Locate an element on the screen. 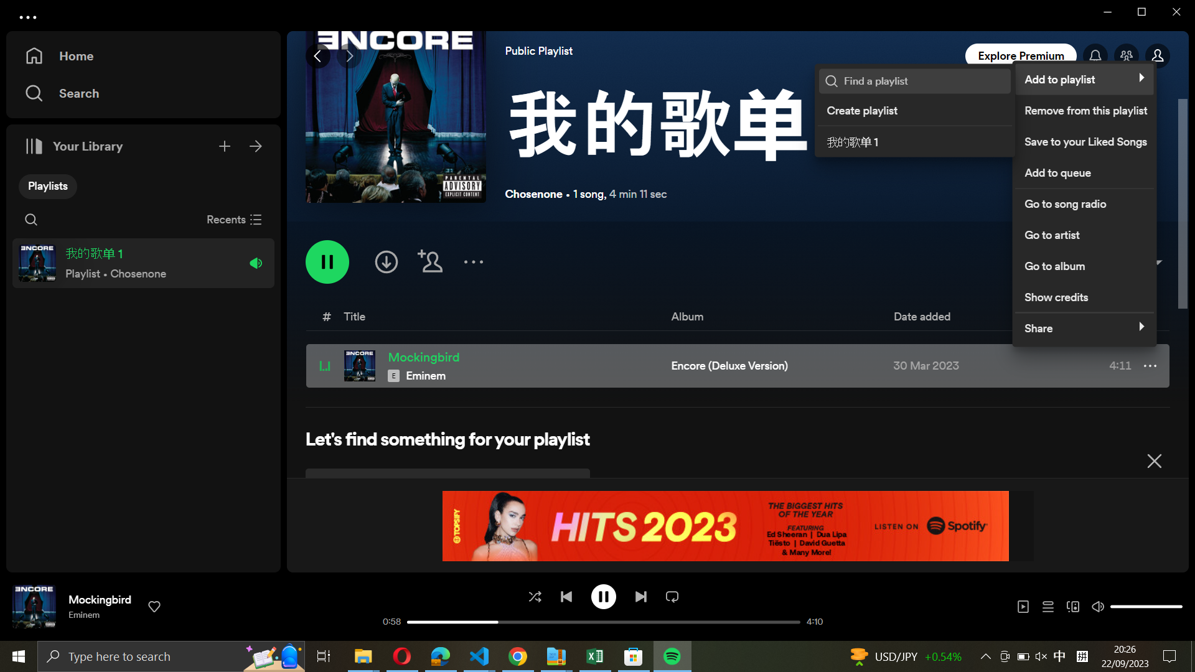 The image size is (1195, 672). Search my favorite playlist is located at coordinates (924, 81).